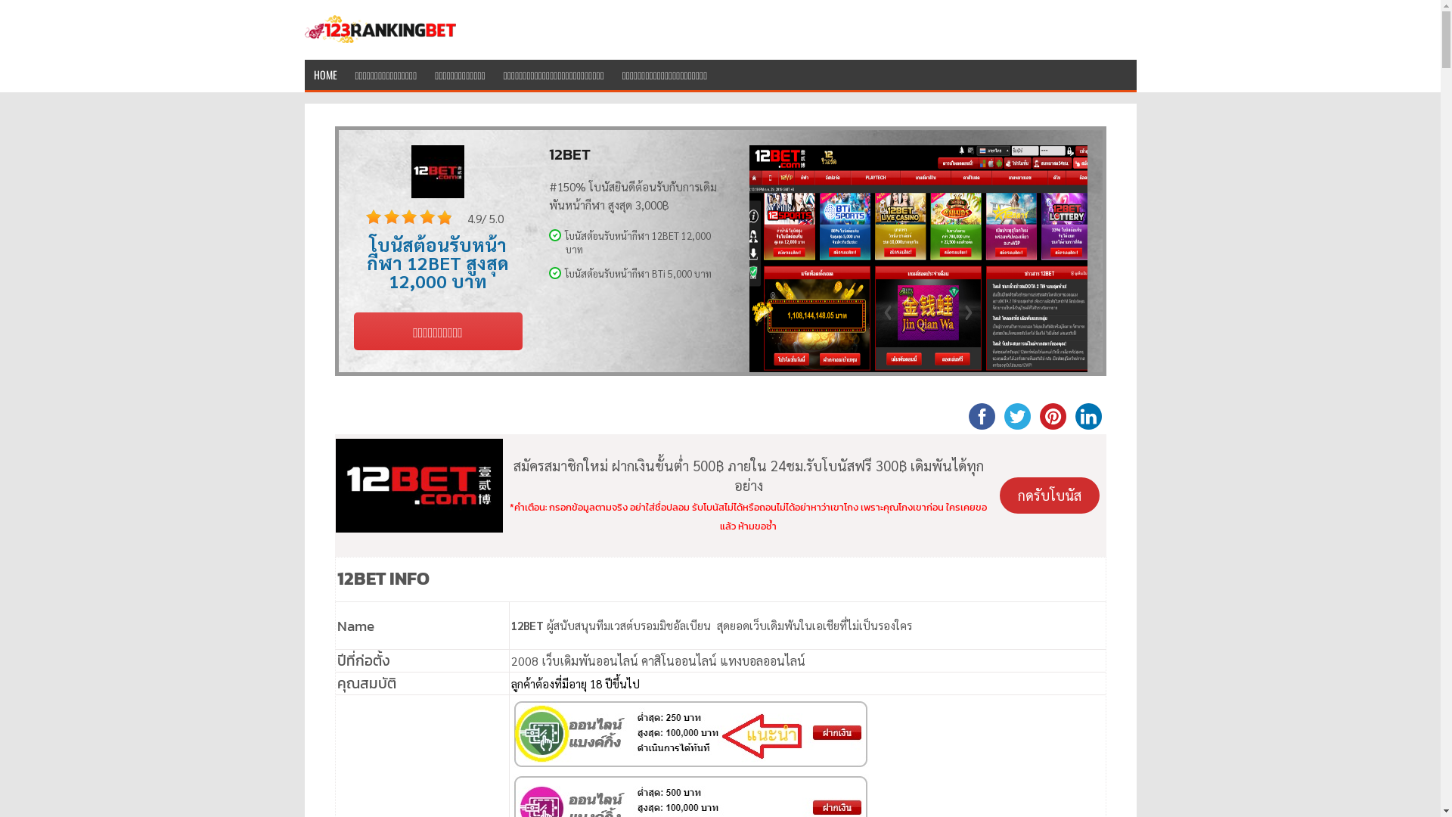 Image resolution: width=1452 pixels, height=817 pixels. What do you see at coordinates (1017, 415) in the screenshot?
I see `'Twitter'` at bounding box center [1017, 415].